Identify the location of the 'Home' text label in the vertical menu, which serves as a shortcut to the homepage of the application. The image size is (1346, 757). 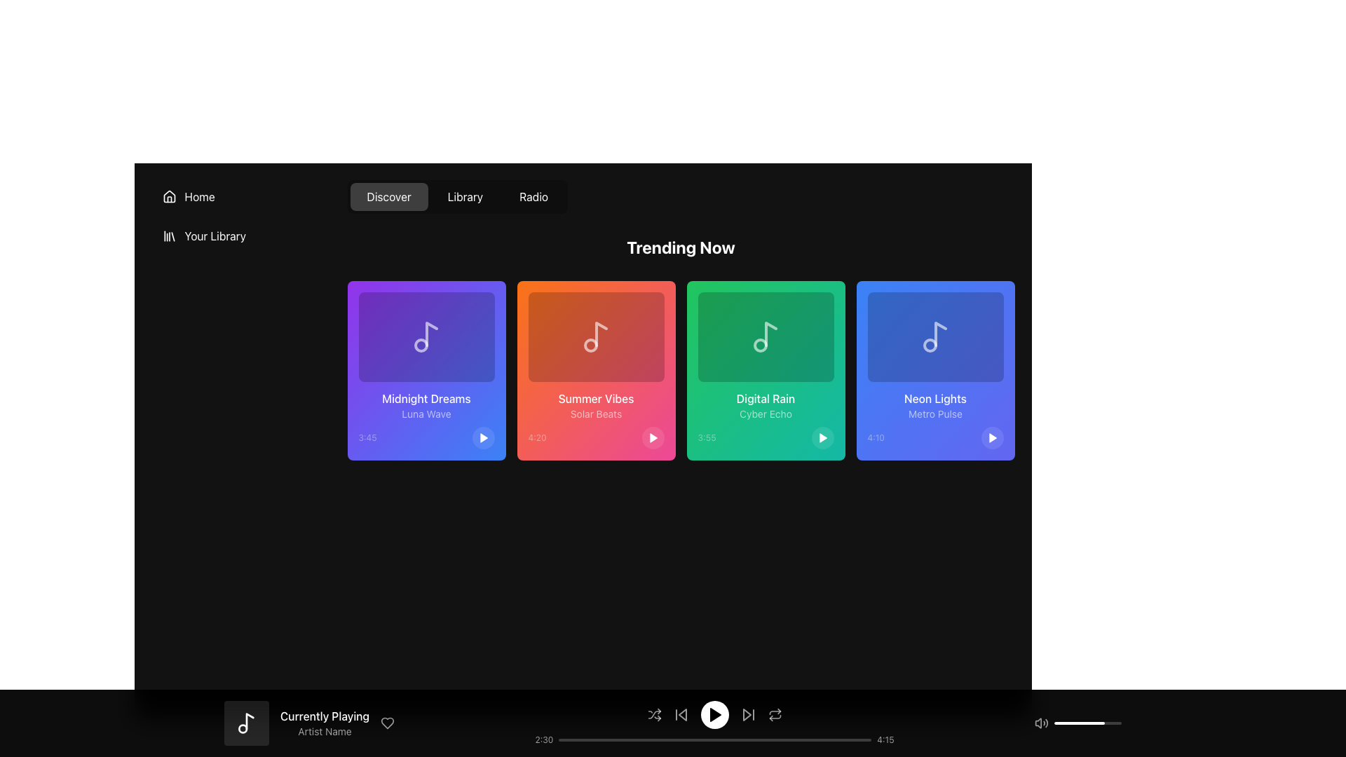
(199, 197).